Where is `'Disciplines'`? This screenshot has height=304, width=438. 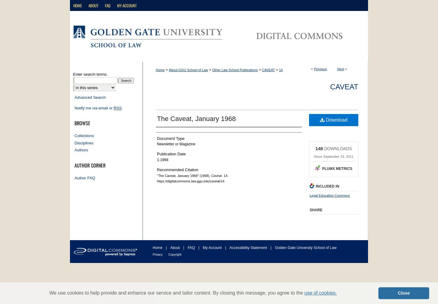 'Disciplines' is located at coordinates (84, 142).